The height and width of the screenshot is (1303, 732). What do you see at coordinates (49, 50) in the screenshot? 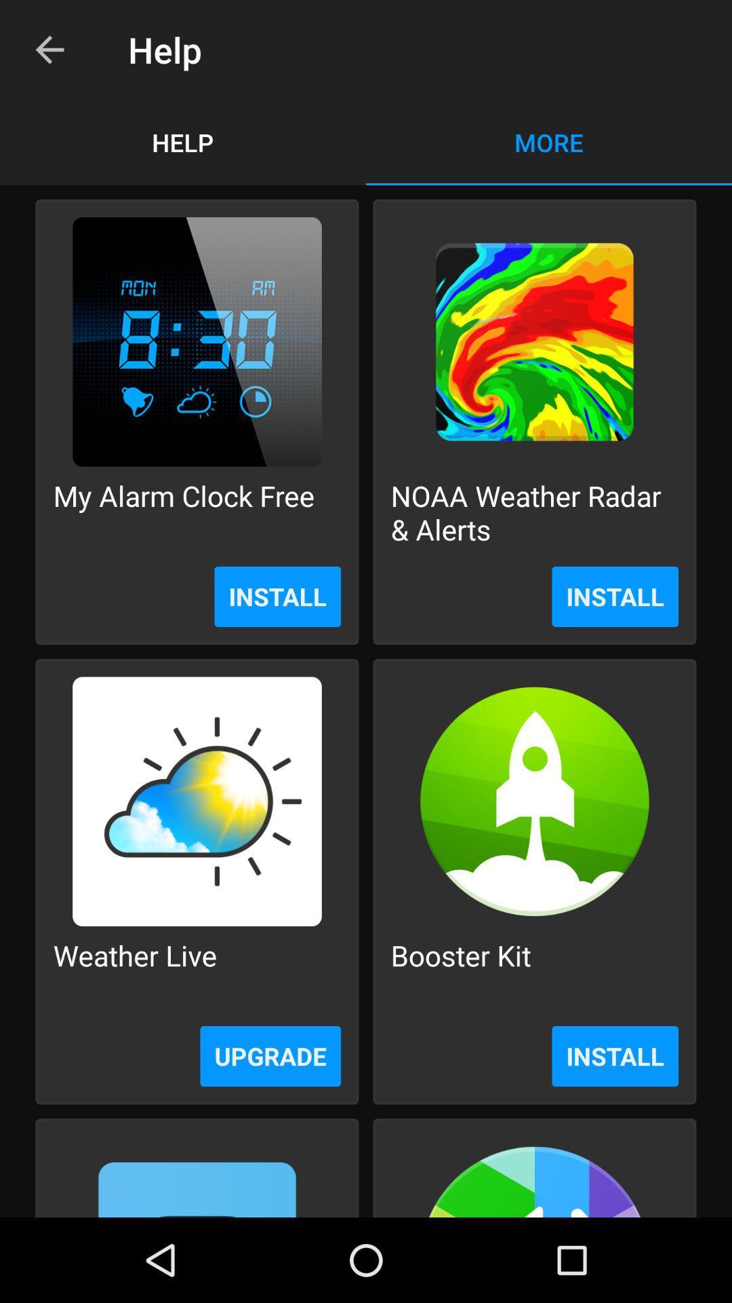
I see `the item to the left of help item` at bounding box center [49, 50].